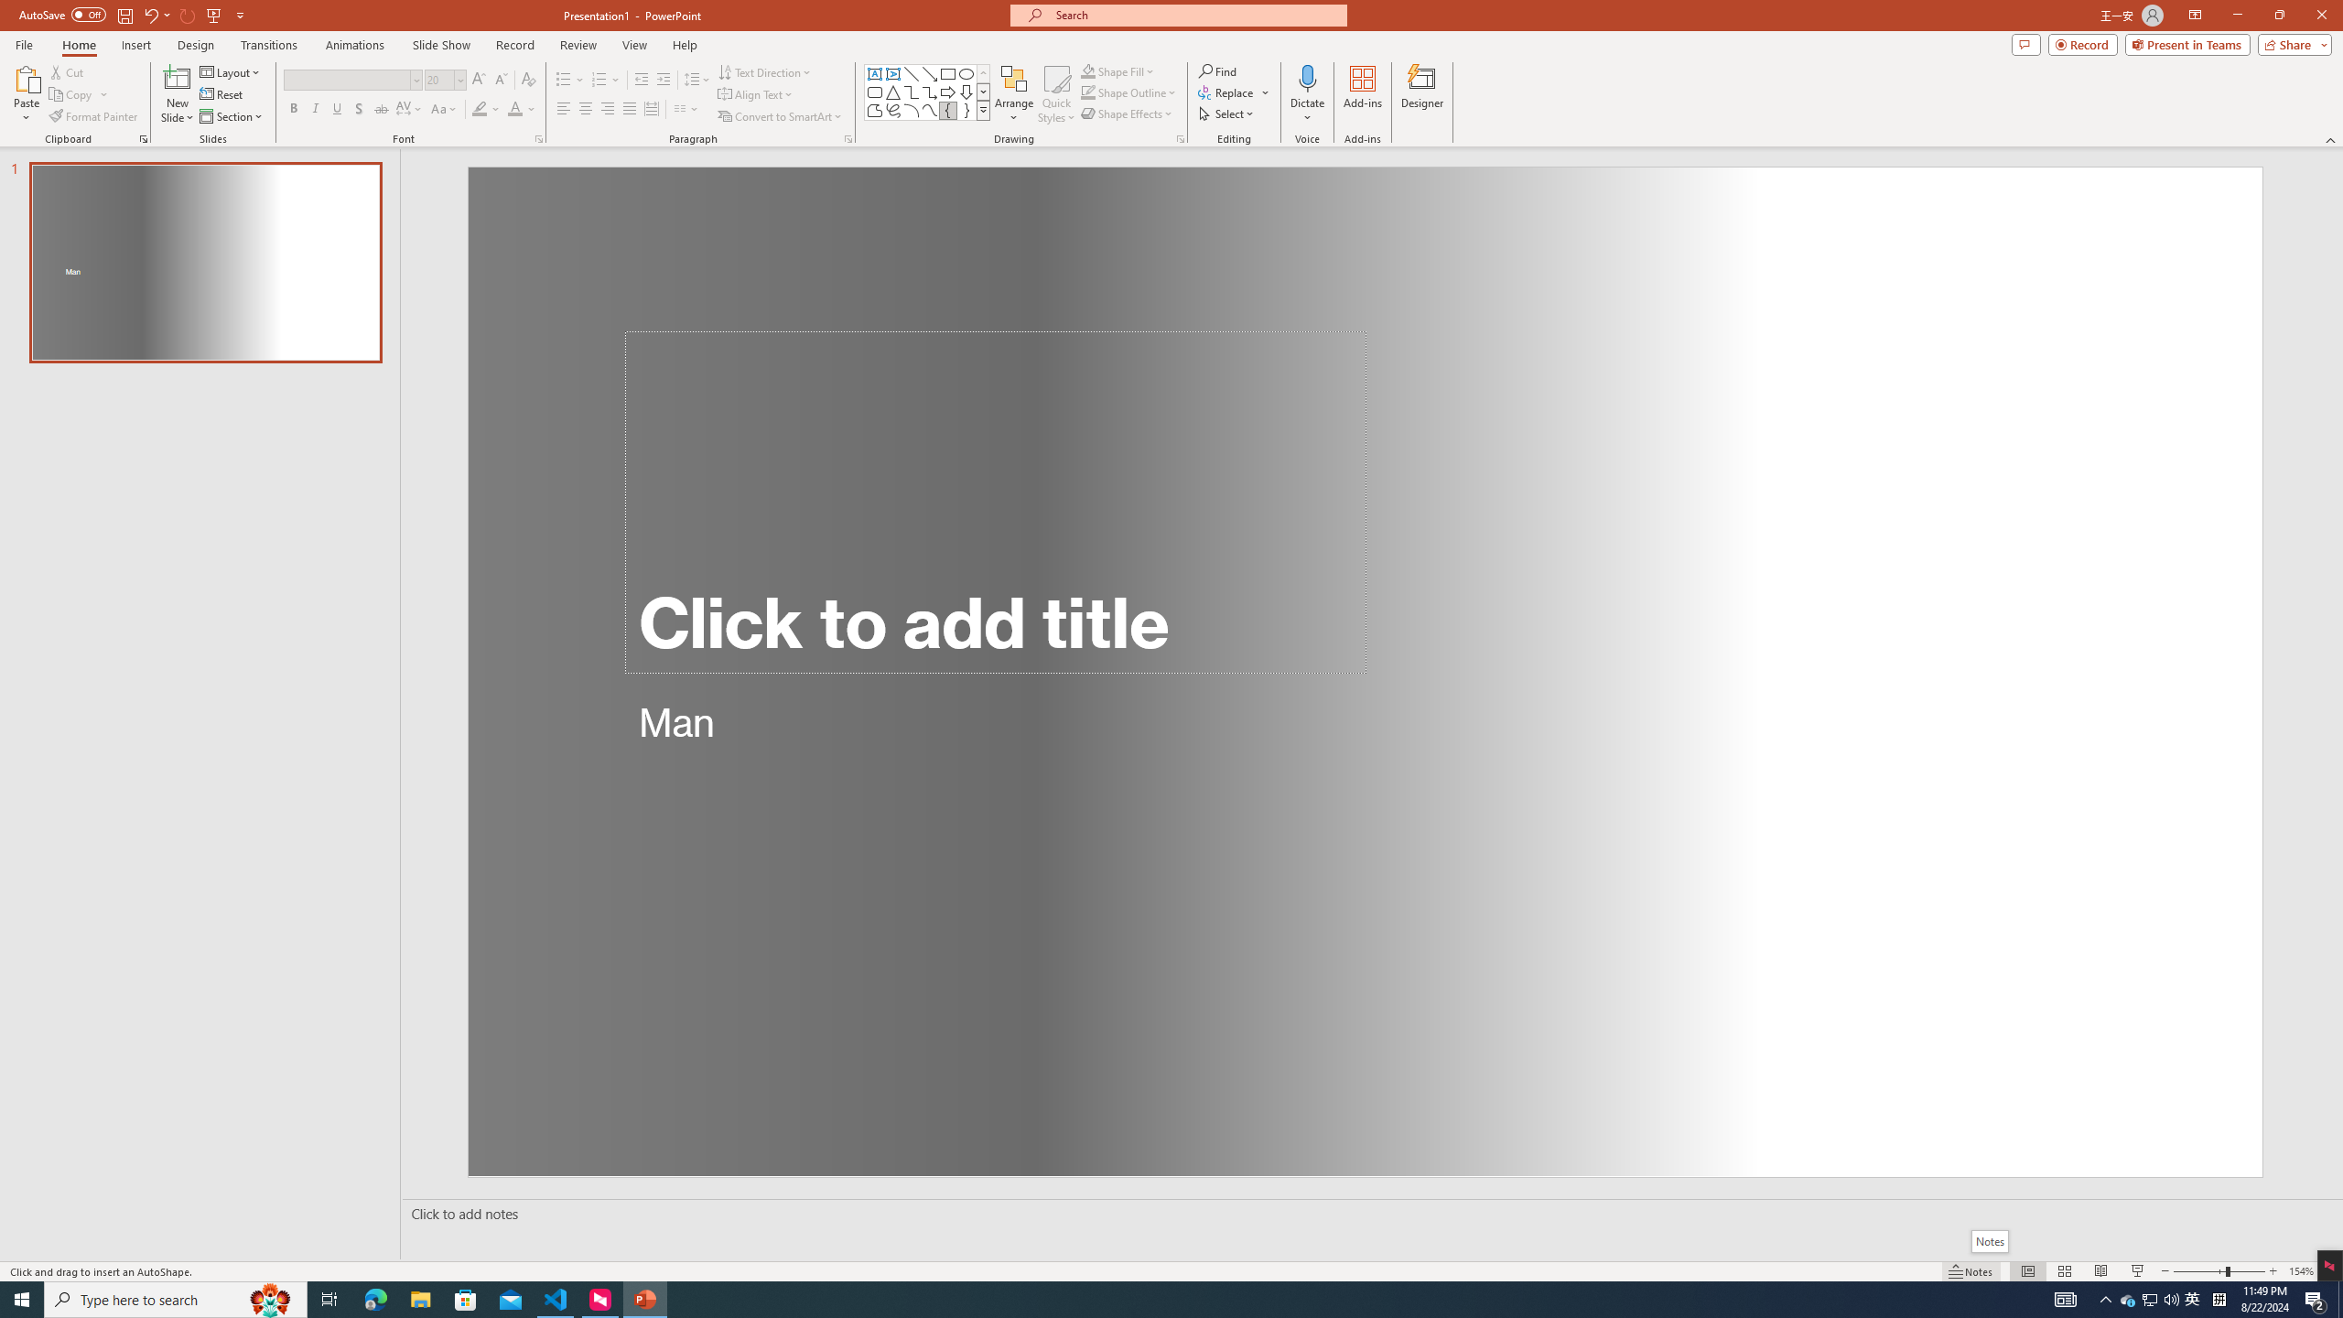  What do you see at coordinates (947, 91) in the screenshot?
I see `'Arrow: Right'` at bounding box center [947, 91].